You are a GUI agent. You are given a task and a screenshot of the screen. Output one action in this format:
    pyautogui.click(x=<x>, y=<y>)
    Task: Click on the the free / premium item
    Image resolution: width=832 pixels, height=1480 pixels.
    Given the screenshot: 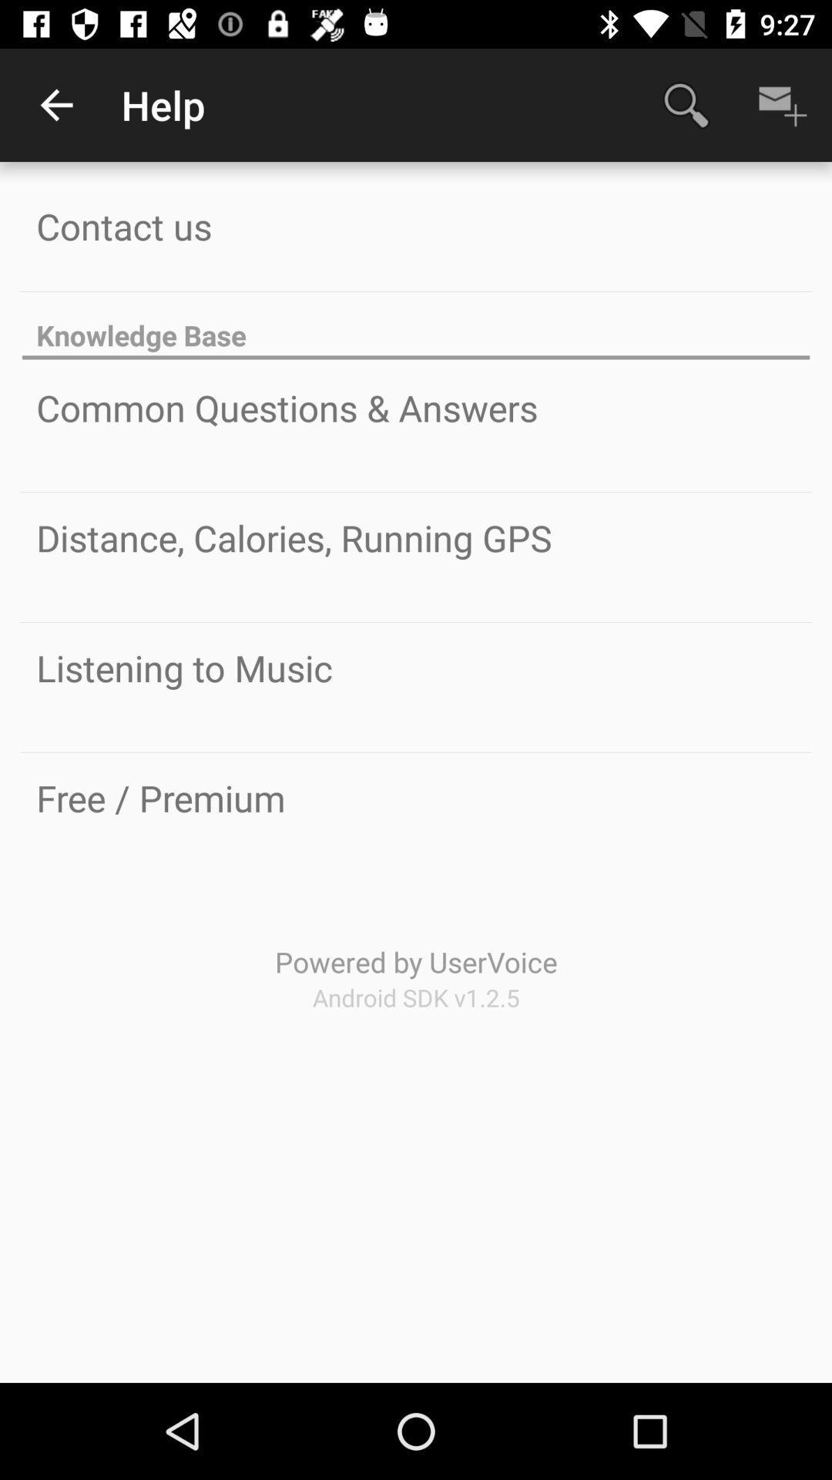 What is the action you would take?
    pyautogui.click(x=160, y=798)
    